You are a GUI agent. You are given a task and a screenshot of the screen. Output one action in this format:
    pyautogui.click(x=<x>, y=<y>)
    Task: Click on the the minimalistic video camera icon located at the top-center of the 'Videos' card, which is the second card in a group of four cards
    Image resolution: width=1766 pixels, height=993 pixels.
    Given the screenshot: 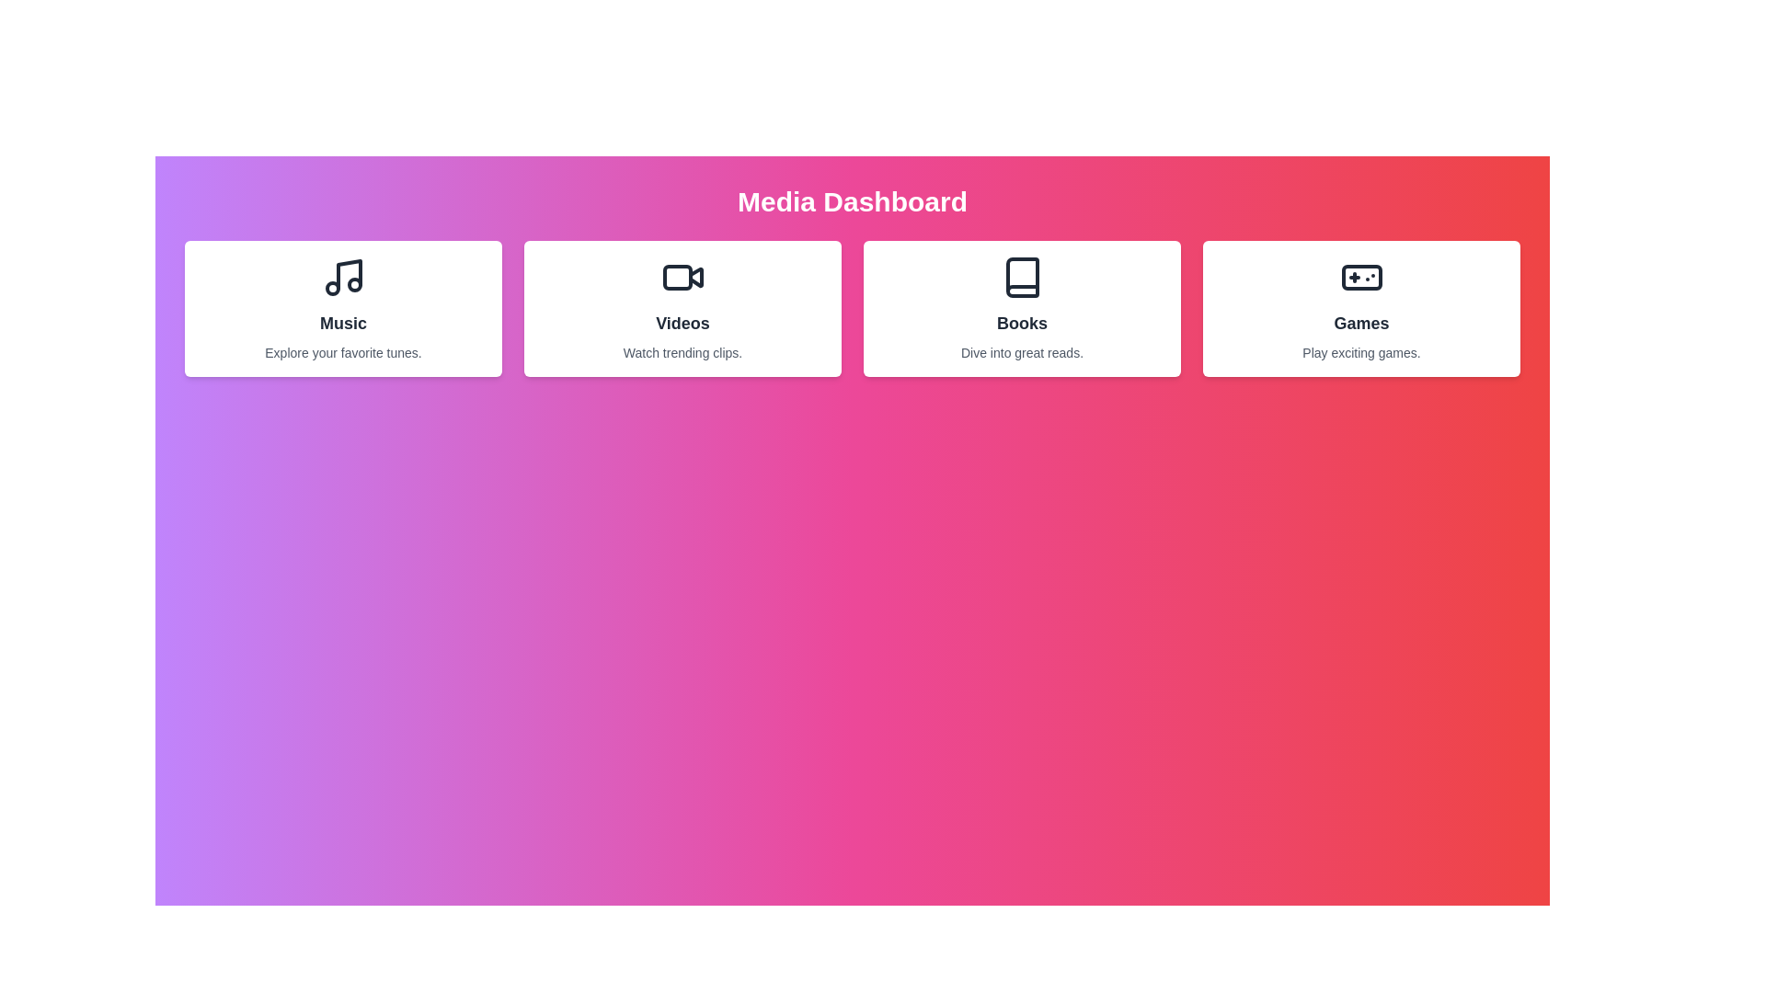 What is the action you would take?
    pyautogui.click(x=682, y=277)
    